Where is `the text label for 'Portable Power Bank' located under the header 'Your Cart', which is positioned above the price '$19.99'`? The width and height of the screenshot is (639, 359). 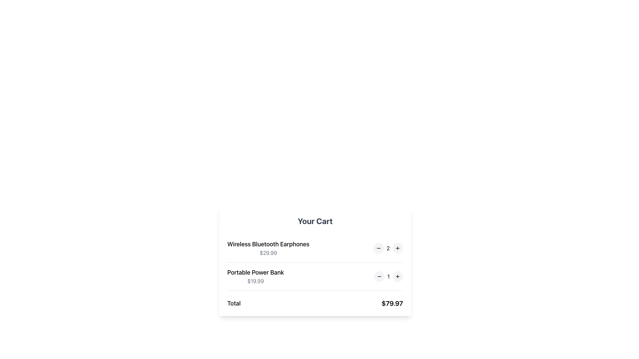 the text label for 'Portable Power Bank' located under the header 'Your Cart', which is positioned above the price '$19.99' is located at coordinates (255, 273).